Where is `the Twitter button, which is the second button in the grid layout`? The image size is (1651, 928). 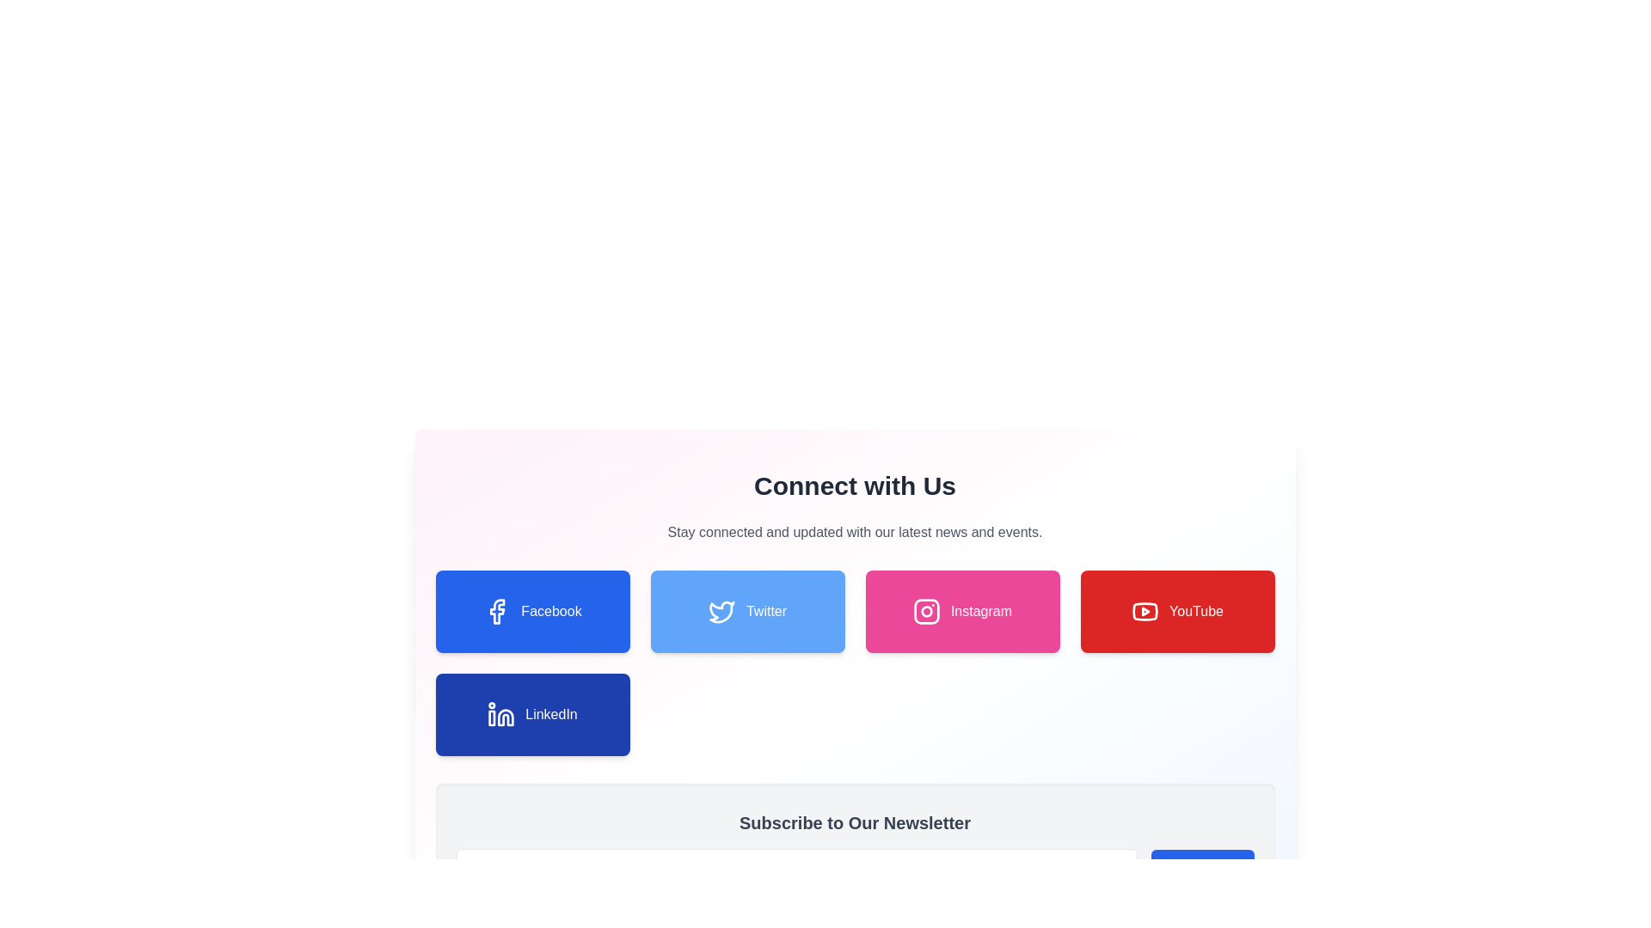 the Twitter button, which is the second button in the grid layout is located at coordinates (747, 611).